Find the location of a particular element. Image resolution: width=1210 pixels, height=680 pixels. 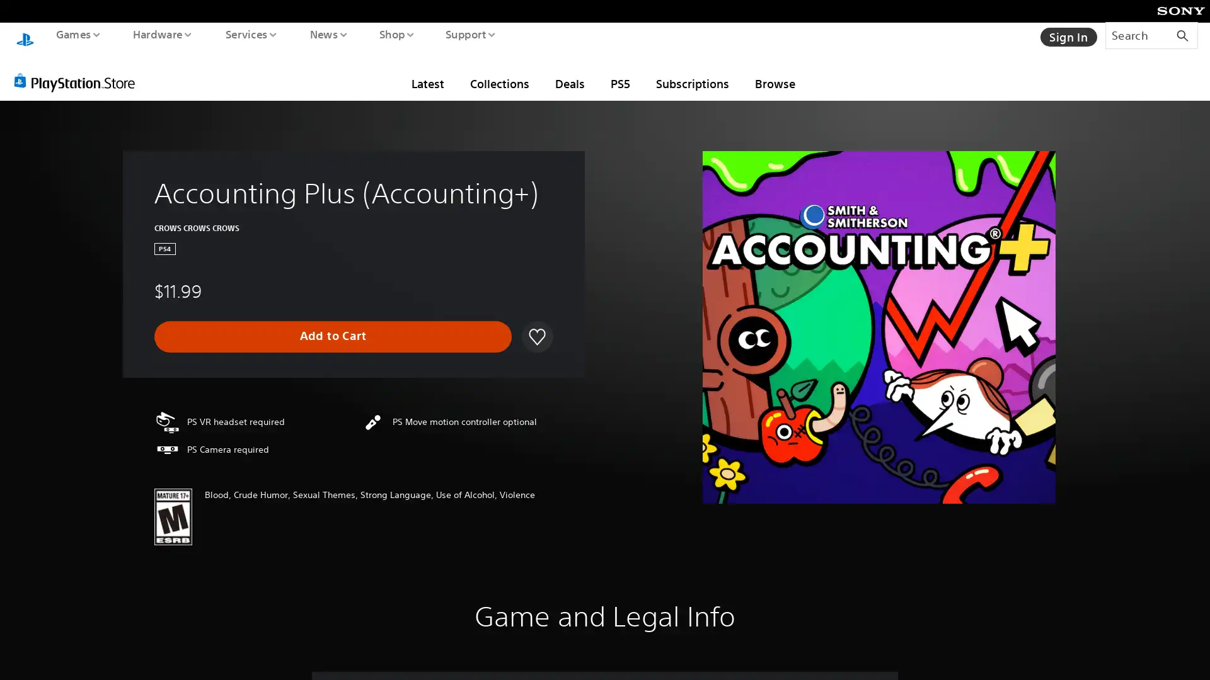

Add to Wishlist is located at coordinates (536, 324).